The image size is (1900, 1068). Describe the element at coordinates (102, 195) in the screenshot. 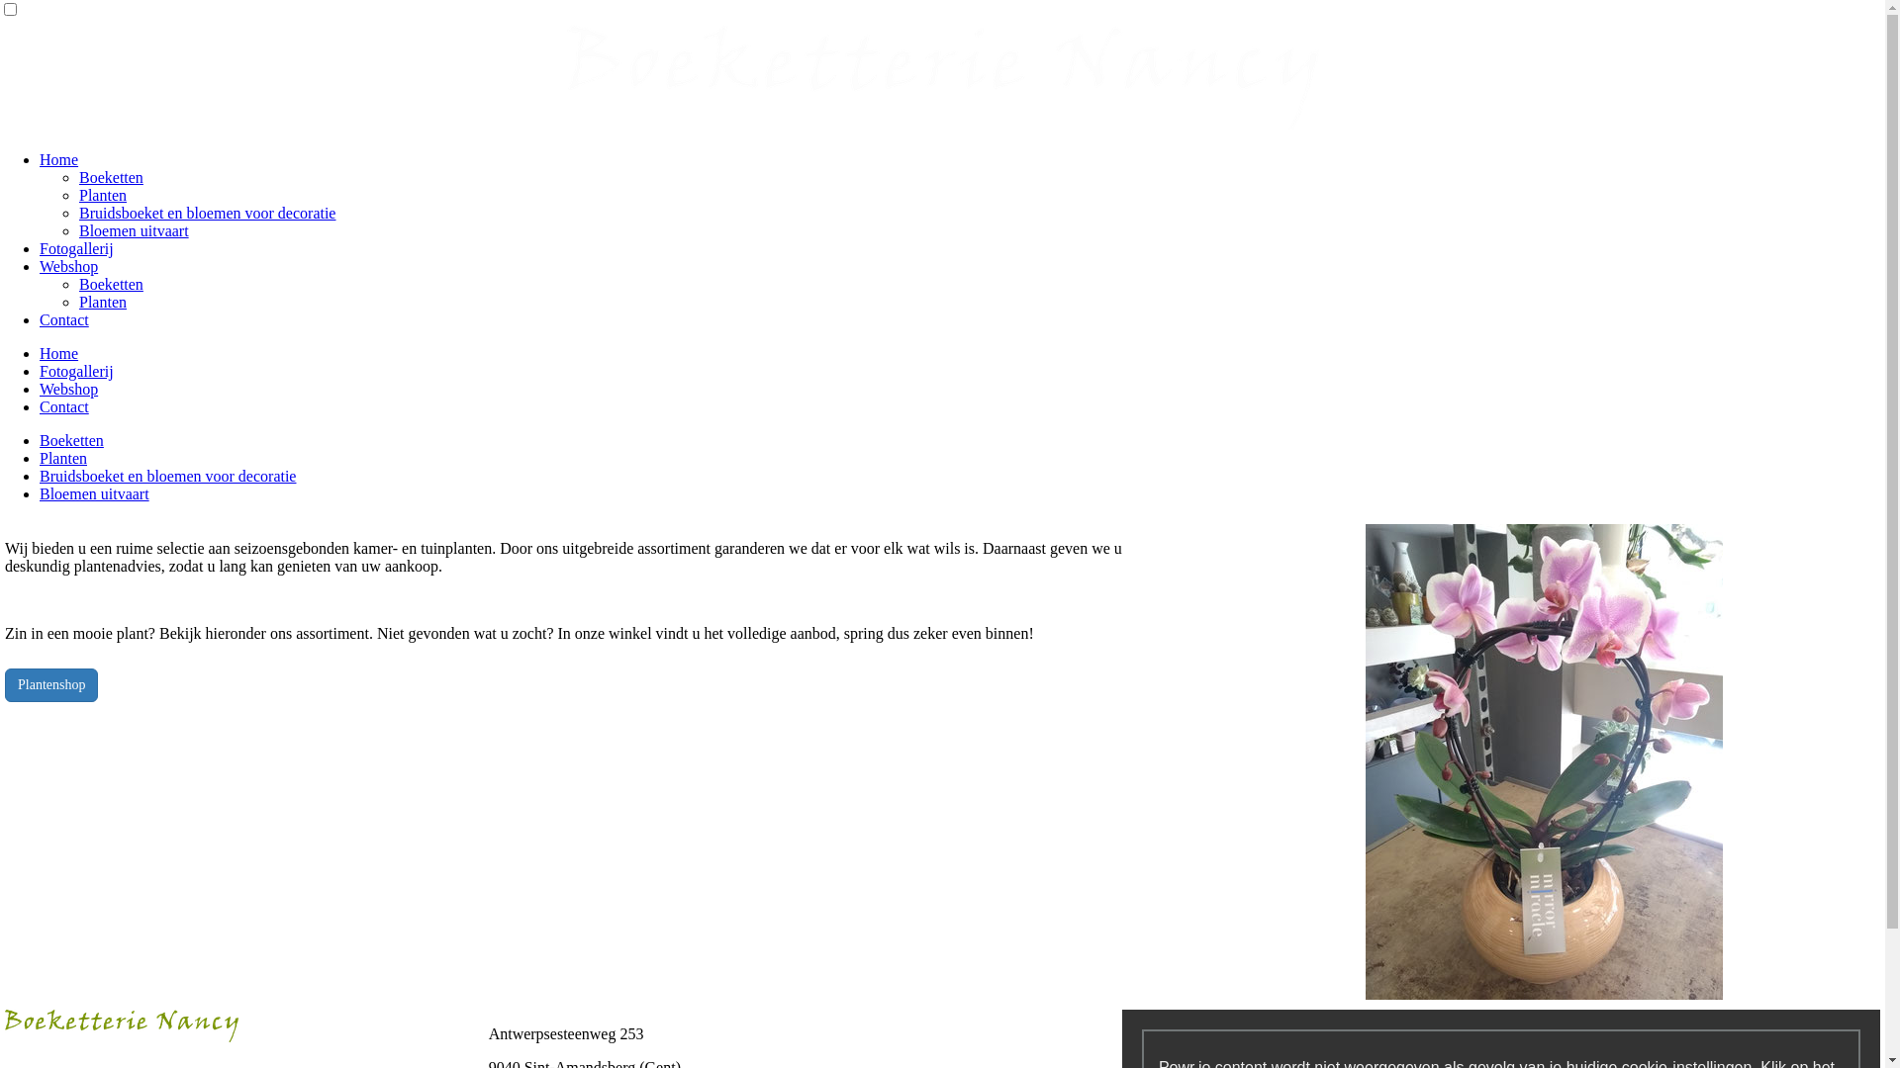

I see `'Planten'` at that location.